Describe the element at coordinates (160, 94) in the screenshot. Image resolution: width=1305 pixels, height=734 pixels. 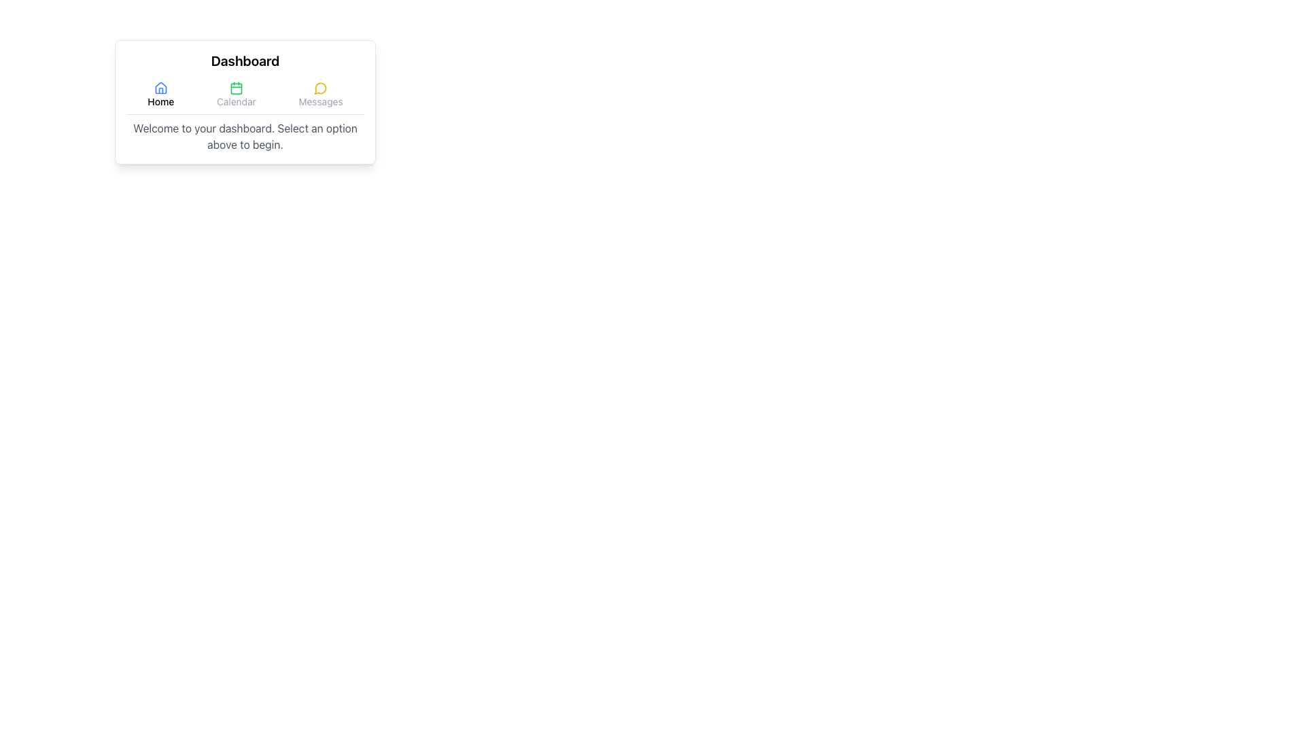
I see `the 'Home' button located on the left side of the navigation options beneath the 'Dashboard' title` at that location.